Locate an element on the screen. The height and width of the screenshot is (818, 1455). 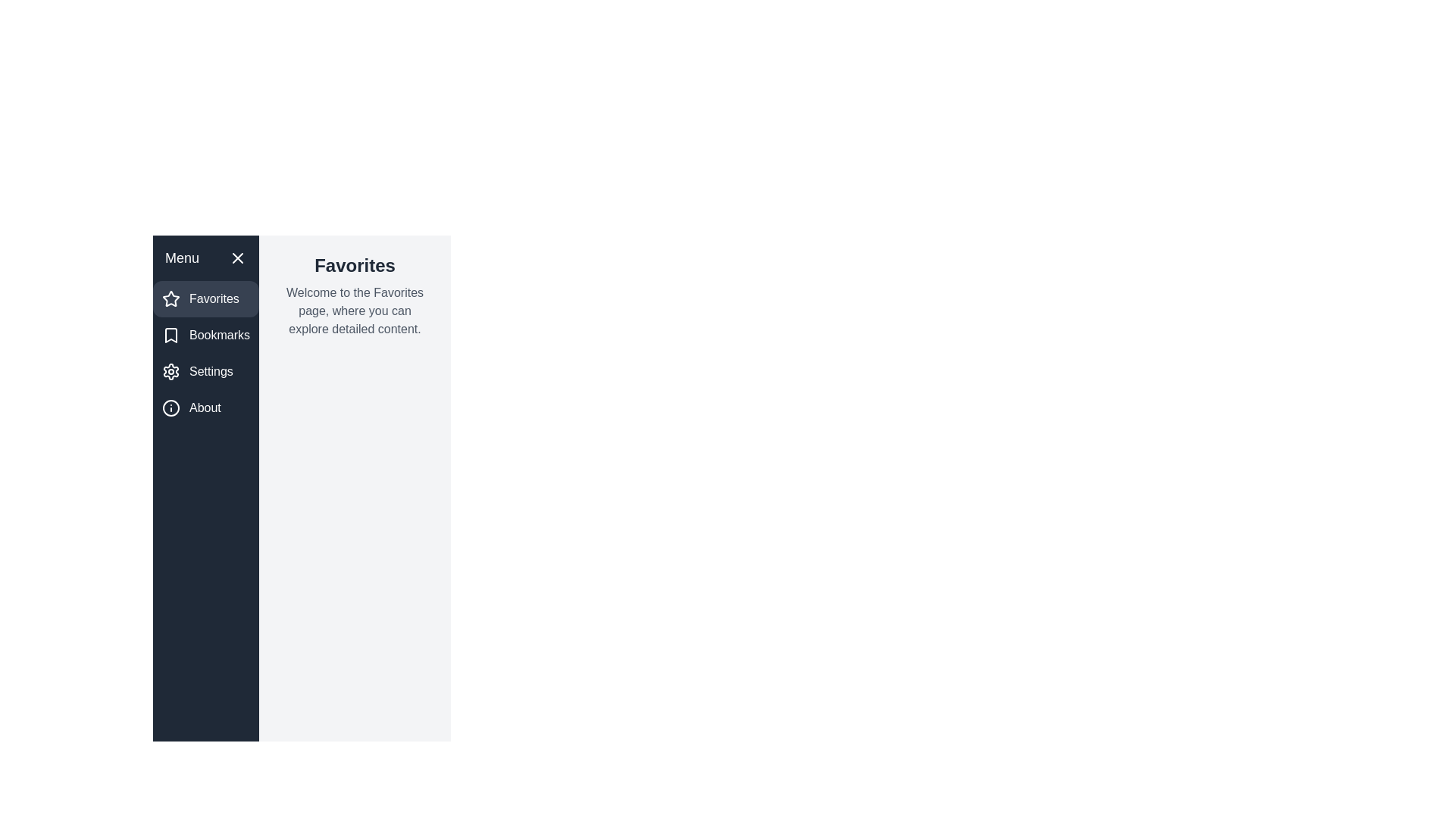
the 'About' button, which is the fourth item in the vertical menu on the left is located at coordinates (205, 407).